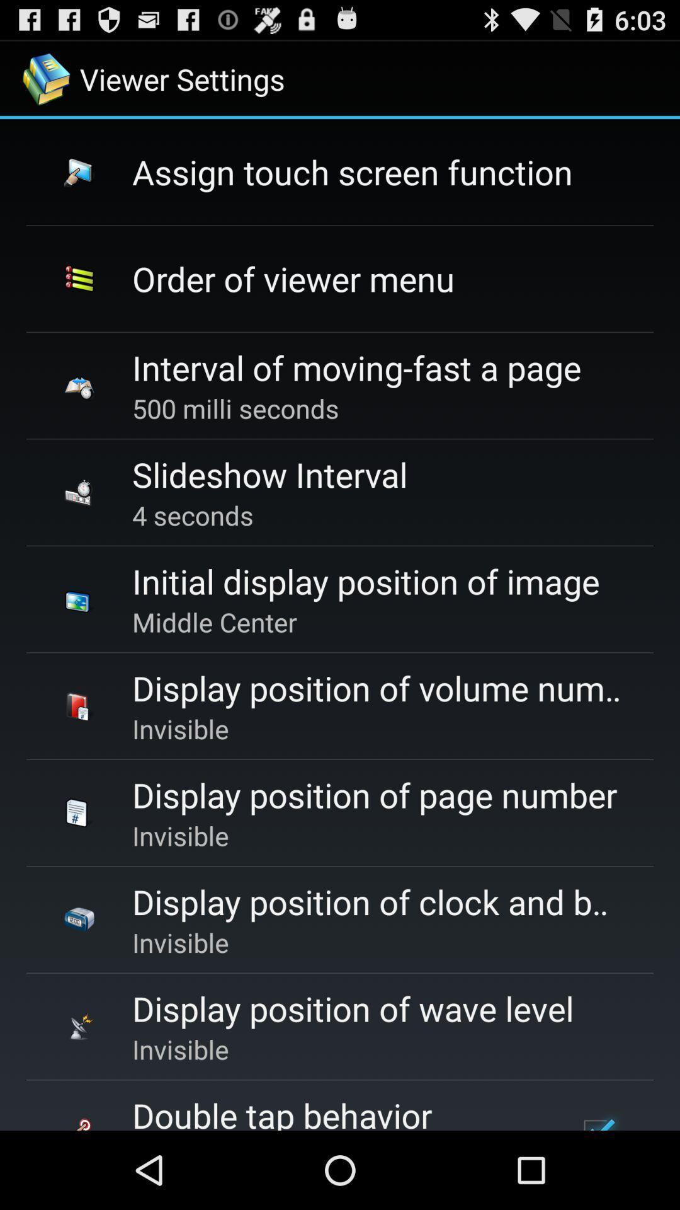 The image size is (680, 1210). What do you see at coordinates (596, 1119) in the screenshot?
I see `the app to the right of the double tap behavior icon` at bounding box center [596, 1119].